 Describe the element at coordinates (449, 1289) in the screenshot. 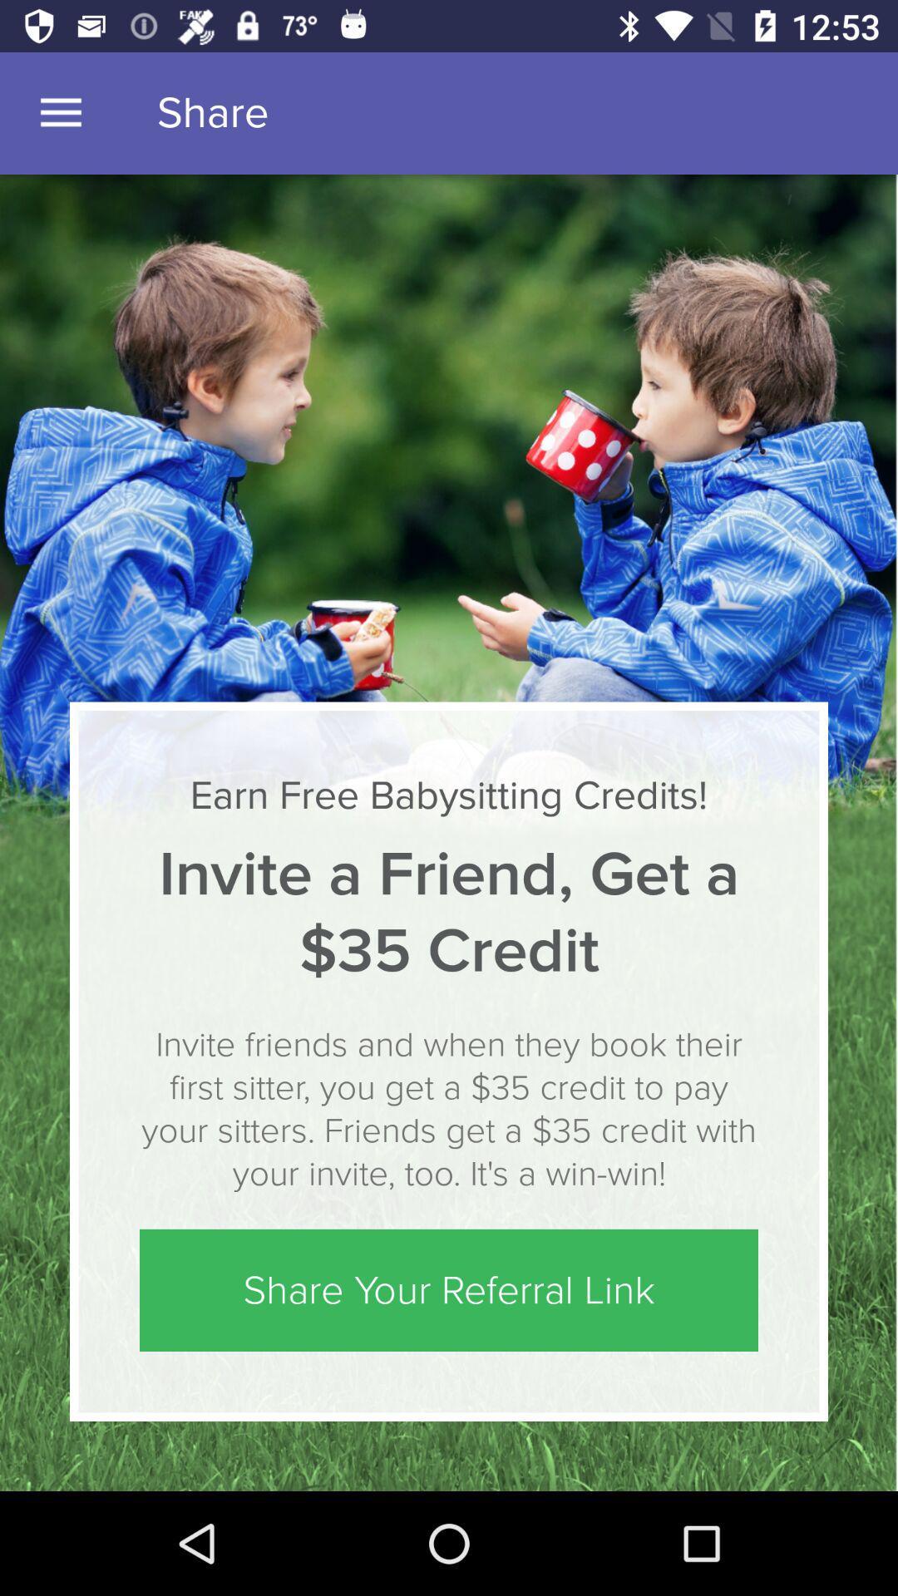

I see `the share your referral icon` at that location.